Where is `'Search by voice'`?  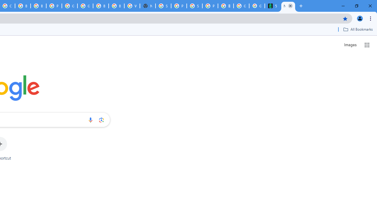 'Search by voice' is located at coordinates (90, 120).